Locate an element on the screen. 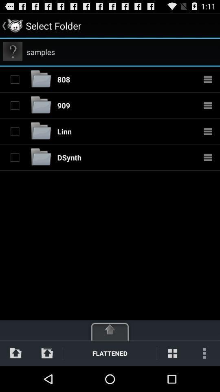 This screenshot has width=220, height=392. folder is located at coordinates (15, 79).